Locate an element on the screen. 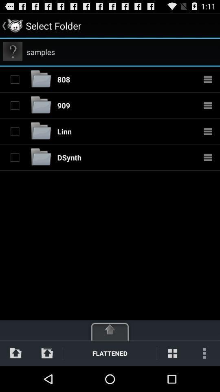 This screenshot has width=220, height=392. folder is located at coordinates (15, 79).